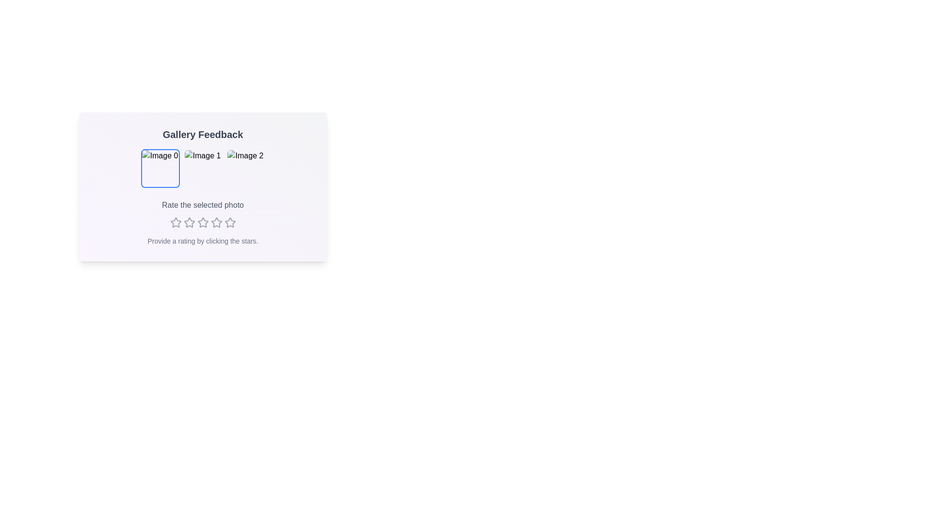 The width and height of the screenshot is (931, 523). I want to click on the third star icon in the rating selector for the photo, so click(216, 222).